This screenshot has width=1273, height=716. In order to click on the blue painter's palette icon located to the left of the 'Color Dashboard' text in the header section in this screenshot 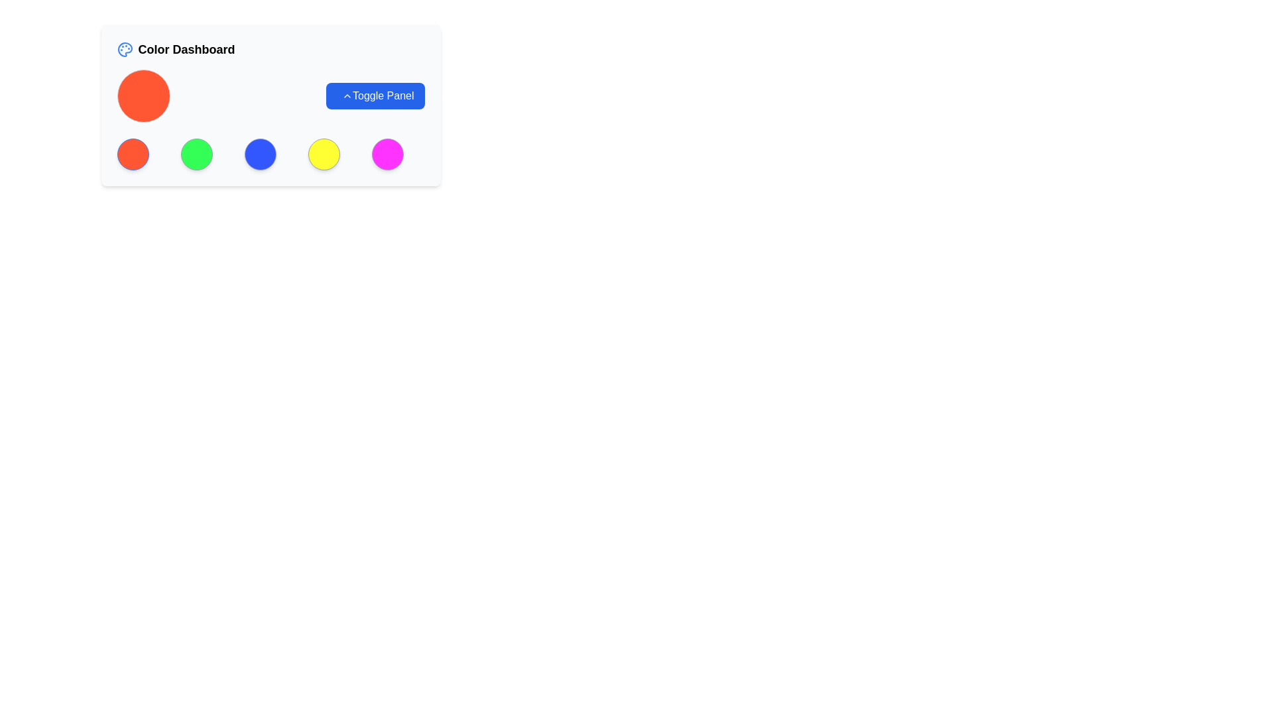, I will do `click(125, 48)`.